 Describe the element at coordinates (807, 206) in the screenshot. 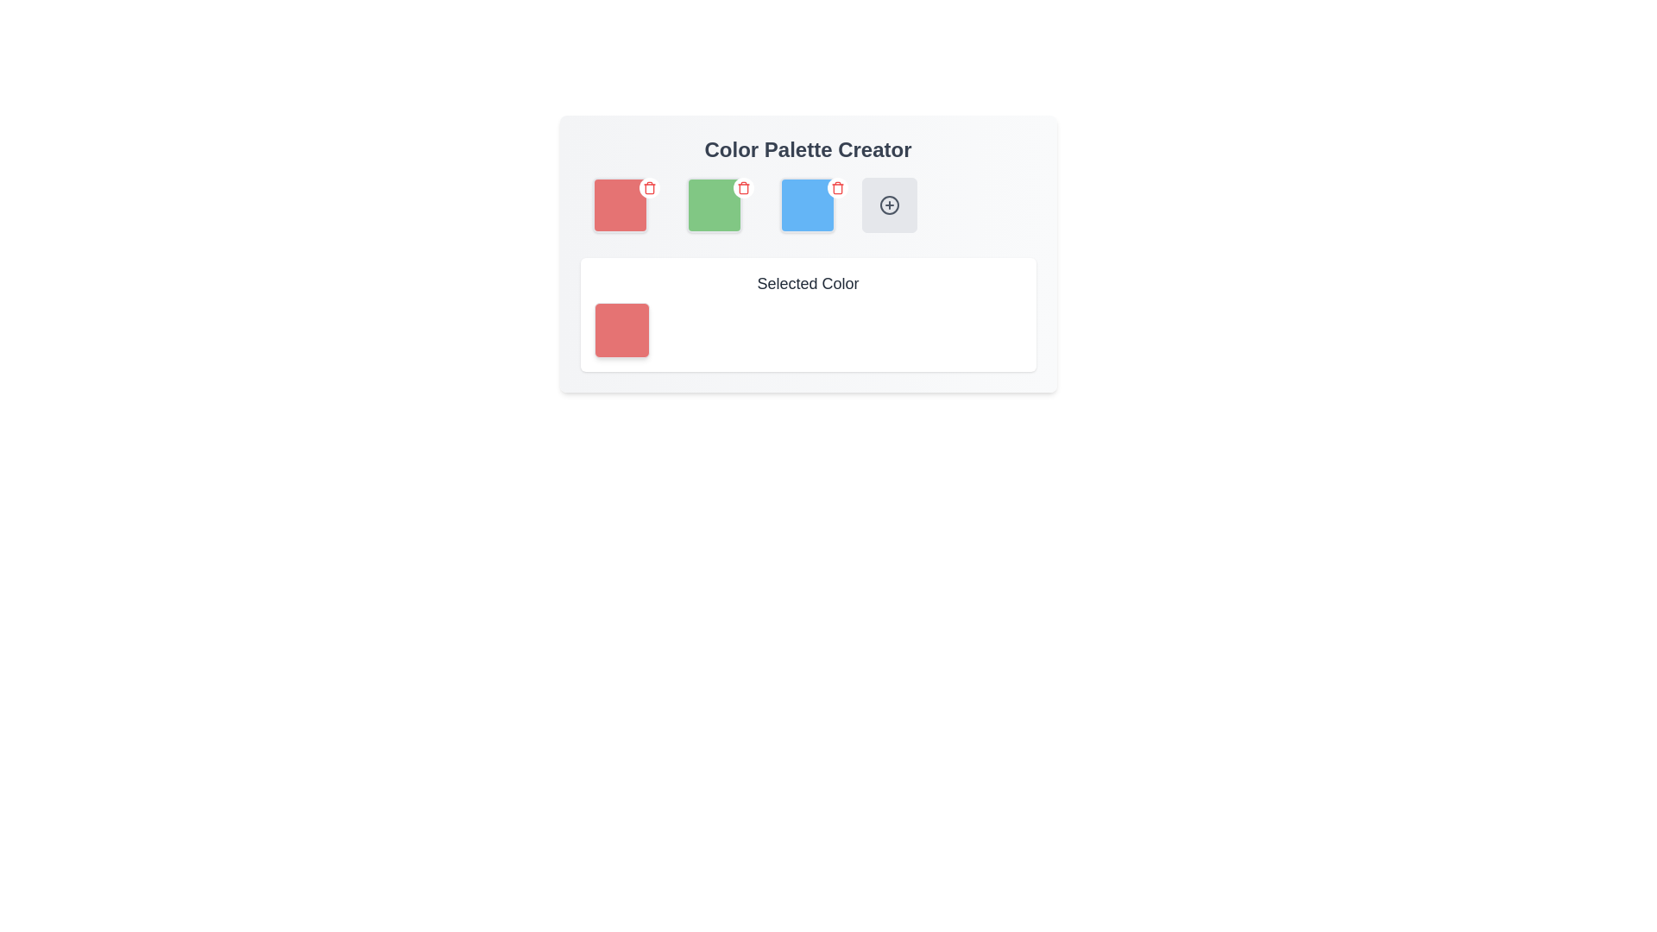

I see `the blue square button in the color palette` at that location.